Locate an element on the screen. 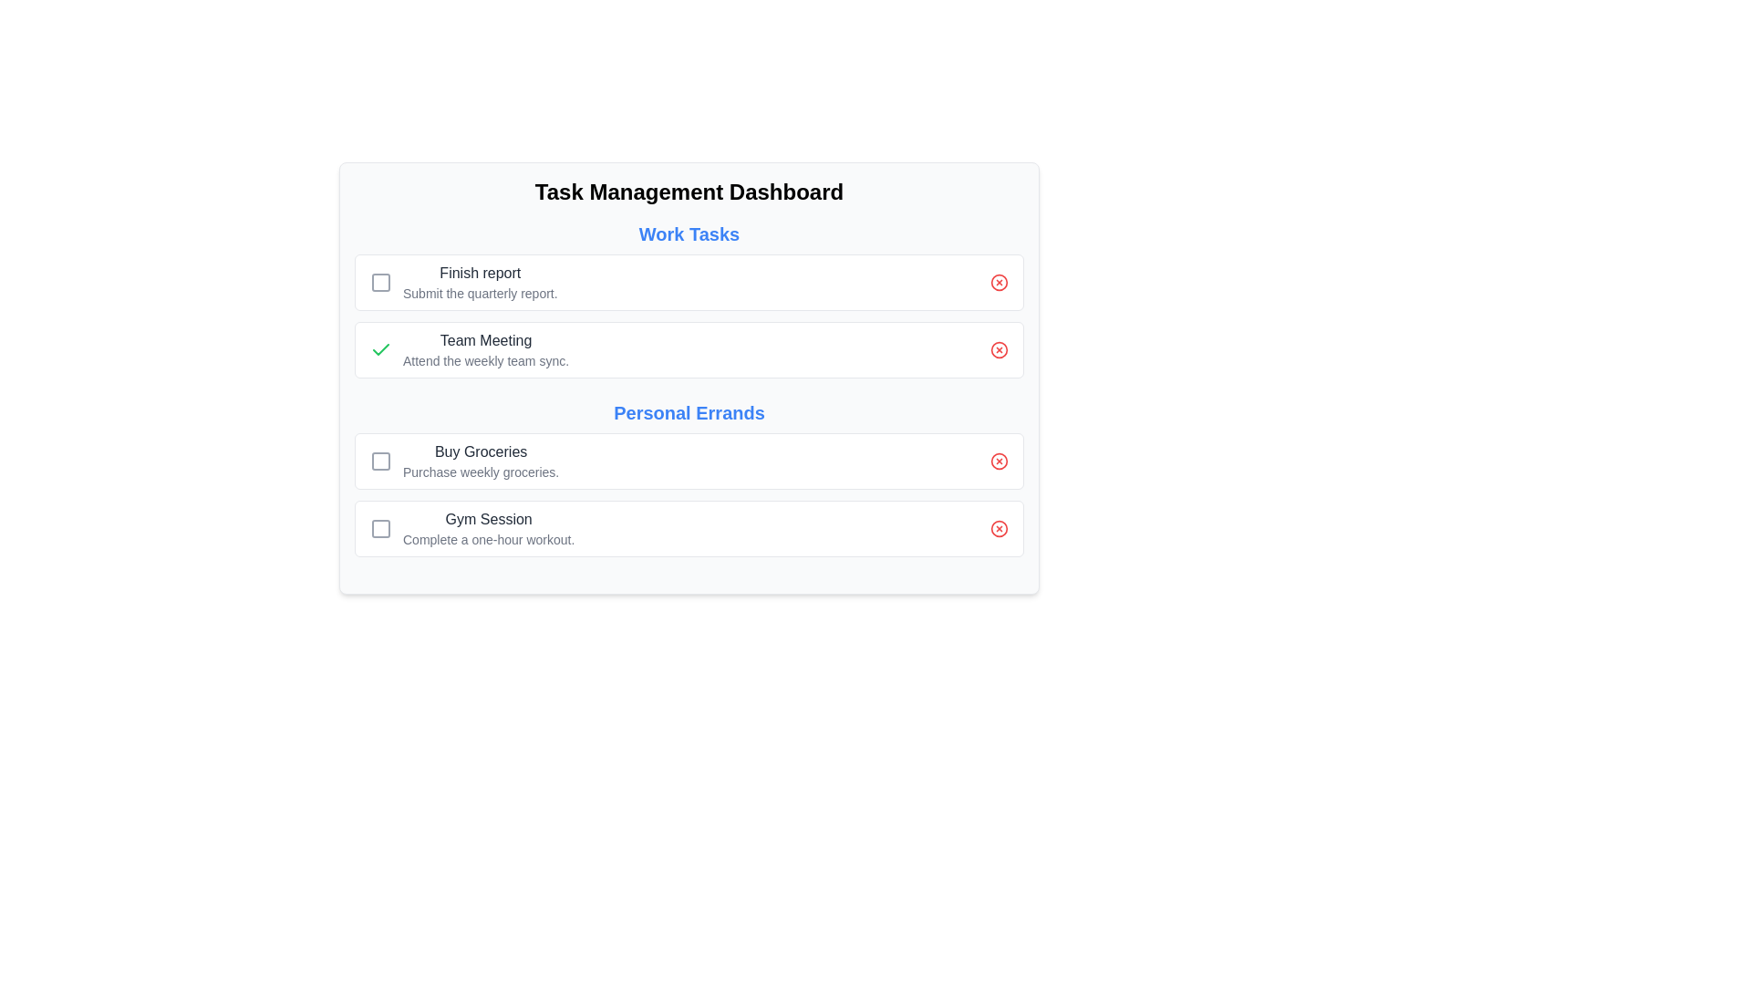 This screenshot has height=985, width=1751. the static text element providing explanatory context for the 'Buy Groceries' task, which is positioned below 'Personal Errands' and above 'Gym Session' is located at coordinates (481, 471).